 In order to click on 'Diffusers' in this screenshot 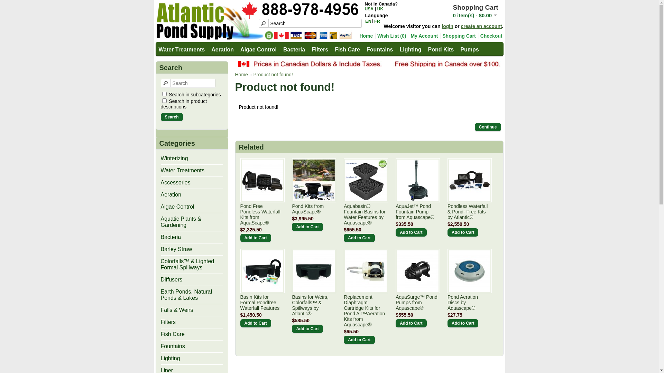, I will do `click(171, 279)`.